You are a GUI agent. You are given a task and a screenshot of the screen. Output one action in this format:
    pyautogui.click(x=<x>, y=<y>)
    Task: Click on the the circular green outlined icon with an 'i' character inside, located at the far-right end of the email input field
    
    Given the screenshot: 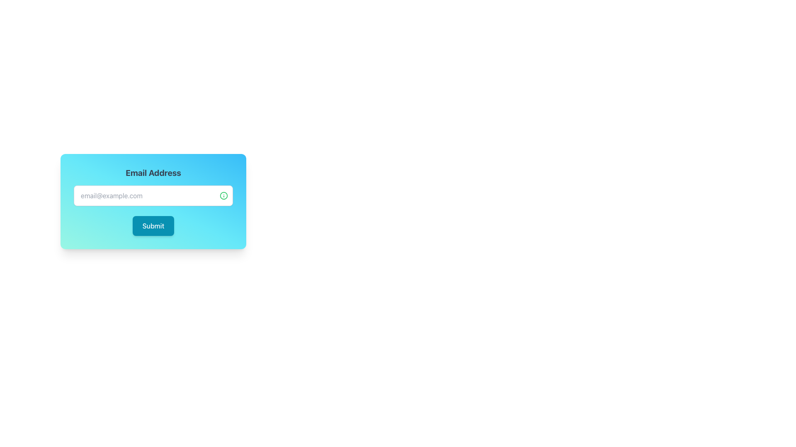 What is the action you would take?
    pyautogui.click(x=226, y=196)
    